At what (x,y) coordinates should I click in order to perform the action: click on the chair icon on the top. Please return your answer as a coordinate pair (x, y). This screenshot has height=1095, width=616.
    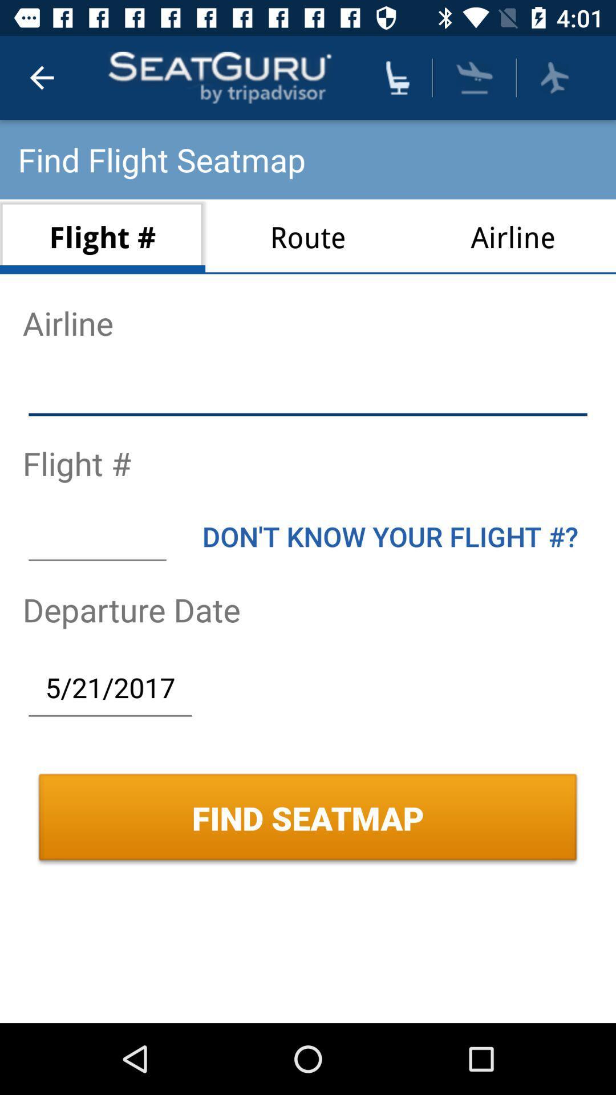
    Looking at the image, I should click on (398, 77).